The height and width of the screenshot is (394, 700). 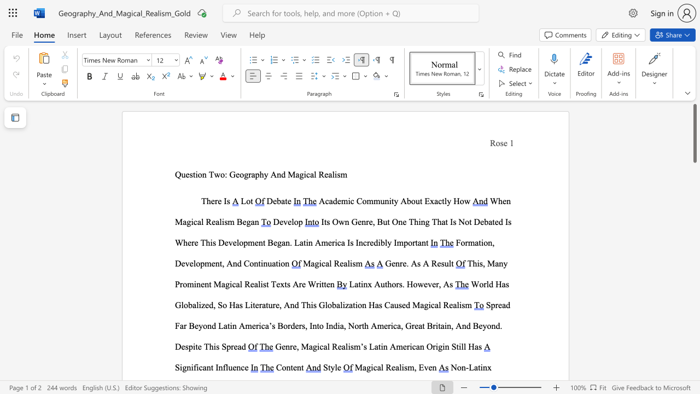 I want to click on the scrollbar to scroll downward, so click(x=694, y=185).